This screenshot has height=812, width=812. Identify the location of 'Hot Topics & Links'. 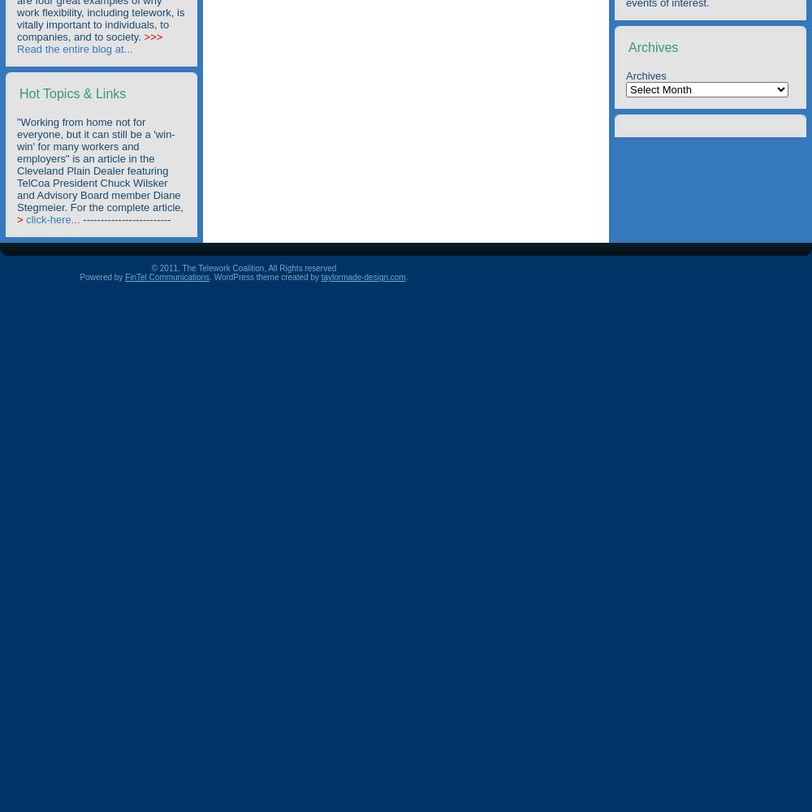
(71, 93).